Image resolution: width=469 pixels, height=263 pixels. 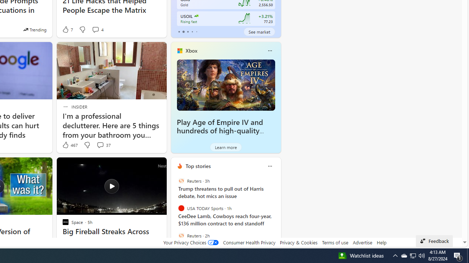 What do you see at coordinates (196, 31) in the screenshot?
I see `'tab-4'` at bounding box center [196, 31].